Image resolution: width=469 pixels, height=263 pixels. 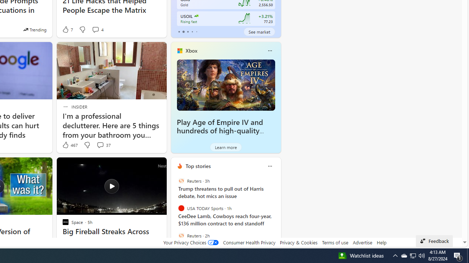 What do you see at coordinates (196, 31) in the screenshot?
I see `'tab-4'` at bounding box center [196, 31].